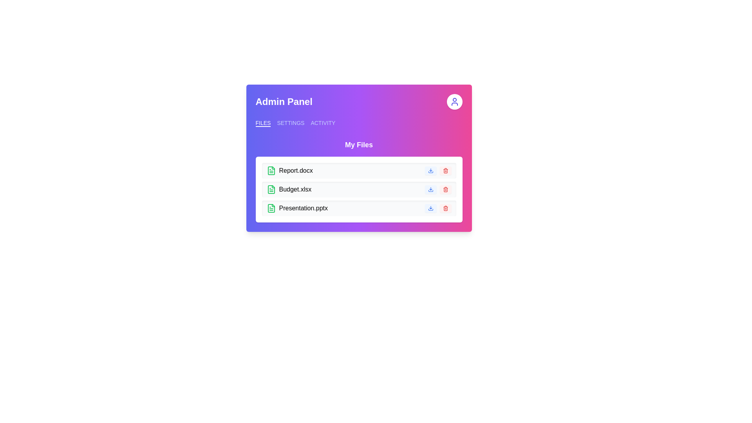 The height and width of the screenshot is (423, 752). Describe the element at coordinates (358, 145) in the screenshot. I see `the 'My Files' text label, which is presented in bold white lettering with a large font size and has a vibrant gradient background transitioning from purple to pink` at that location.